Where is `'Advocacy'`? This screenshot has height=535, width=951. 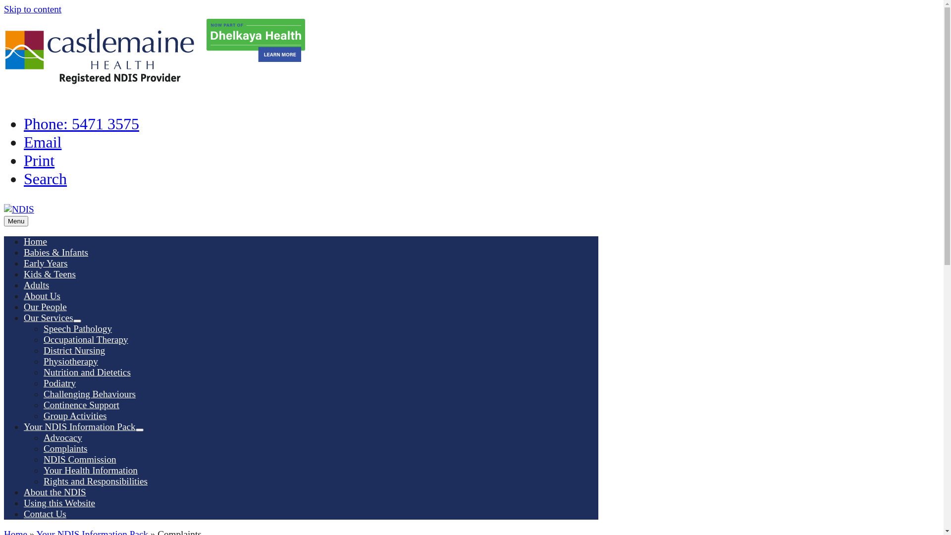 'Advocacy' is located at coordinates (62, 437).